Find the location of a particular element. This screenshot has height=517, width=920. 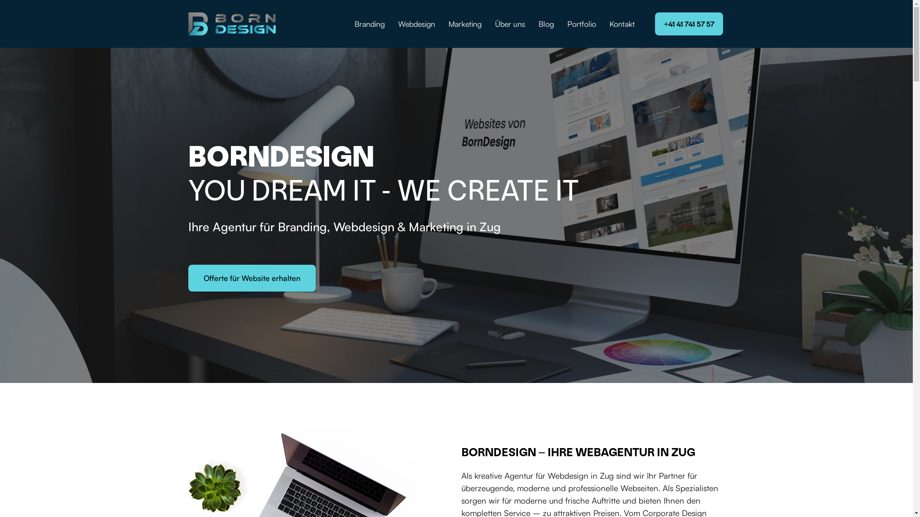

'+41 41 741 57 57' is located at coordinates (655, 23).